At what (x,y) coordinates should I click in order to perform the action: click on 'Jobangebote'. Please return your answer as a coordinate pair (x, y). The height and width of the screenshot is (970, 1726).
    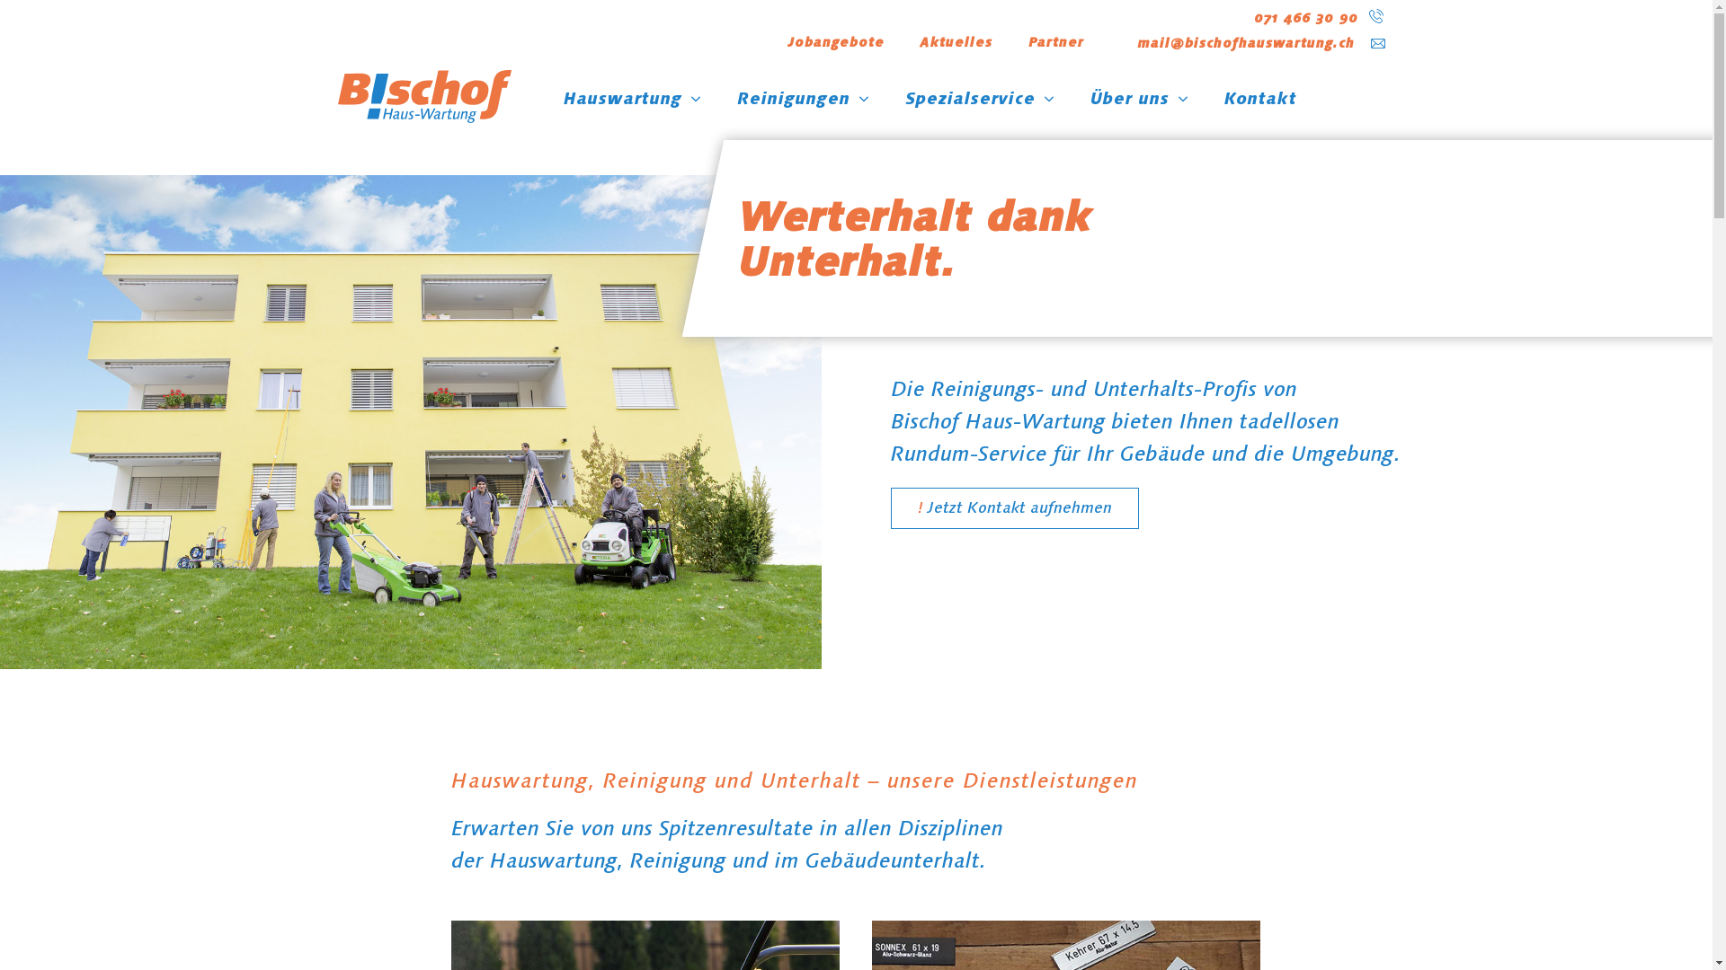
    Looking at the image, I should click on (835, 42).